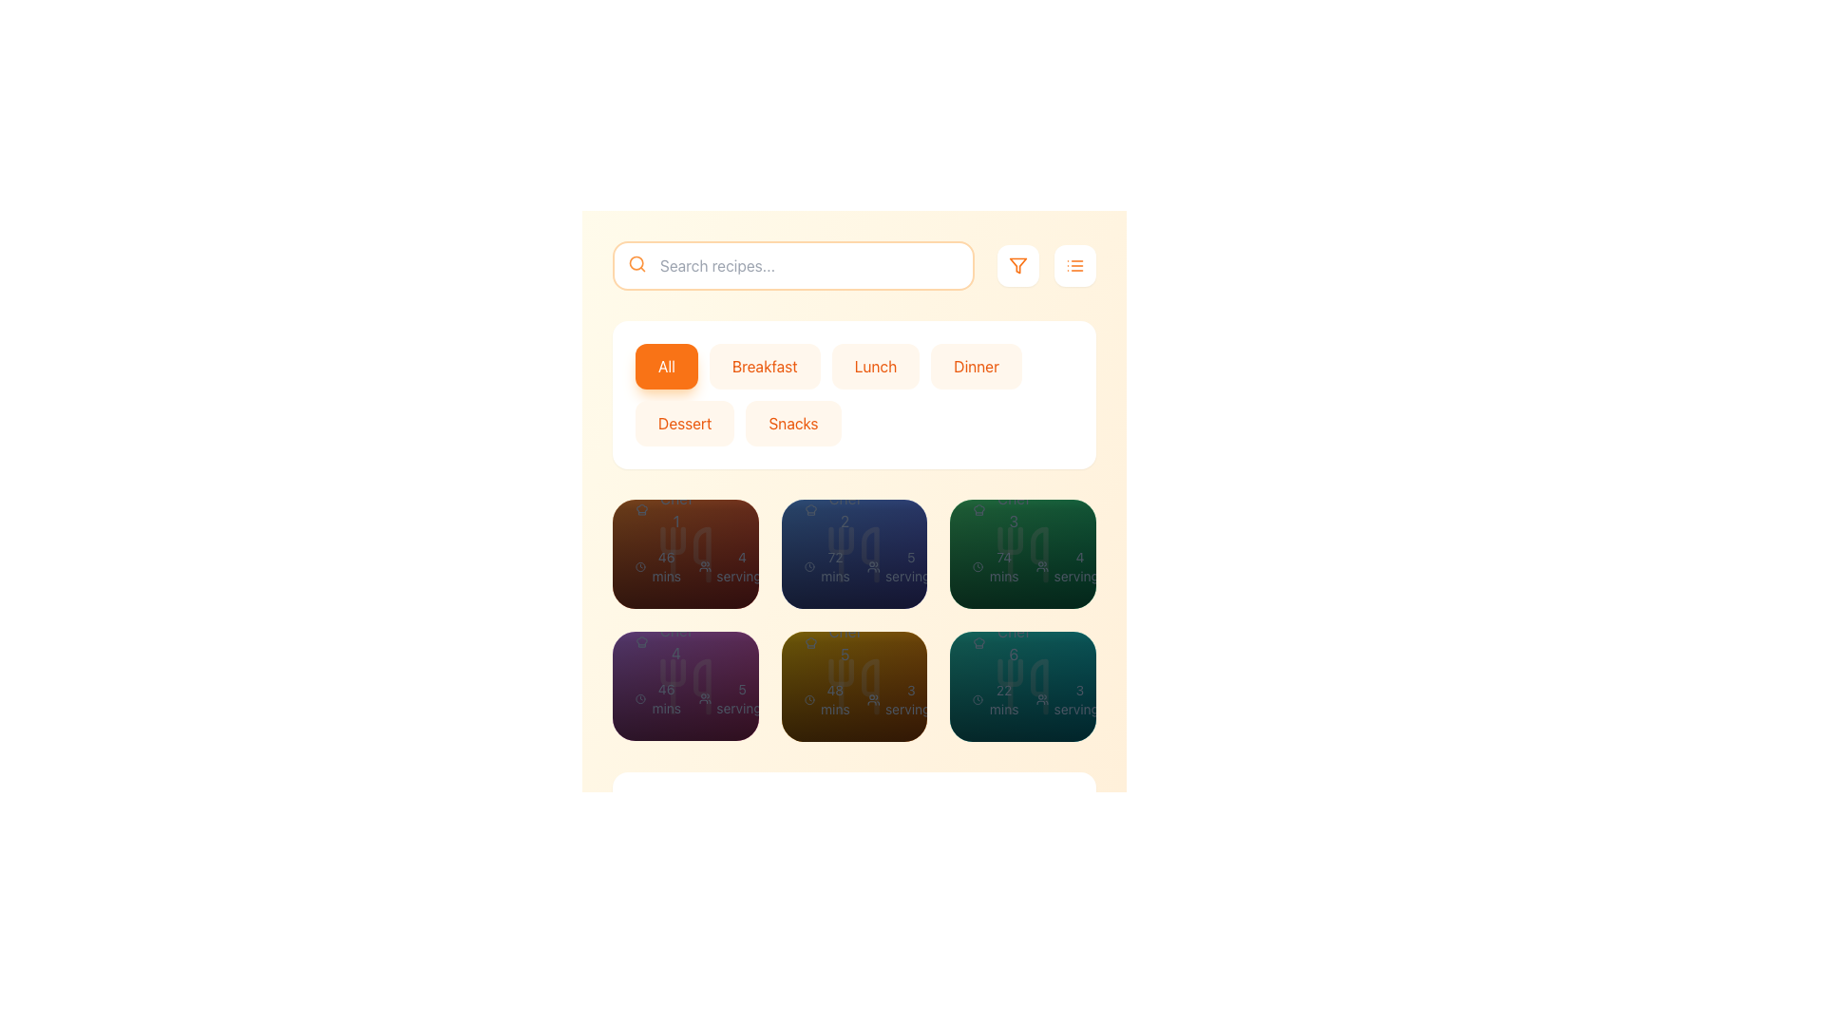 Image resolution: width=1824 pixels, height=1026 pixels. Describe the element at coordinates (1075, 266) in the screenshot. I see `the compact, square-shaped button with a white background and an orange list icon at the center` at that location.